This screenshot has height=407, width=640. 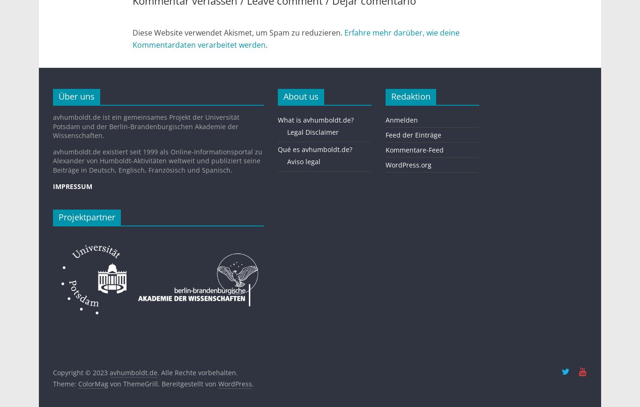 What do you see at coordinates (303, 161) in the screenshot?
I see `'Aviso legal'` at bounding box center [303, 161].